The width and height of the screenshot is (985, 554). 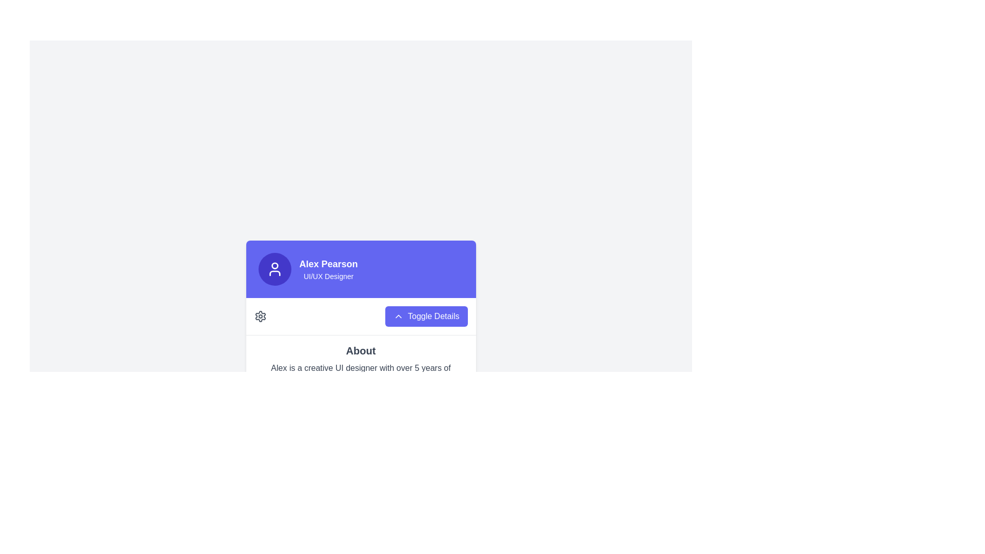 I want to click on the settings icon located in the header section of the user profile card, which is used, so click(x=260, y=315).